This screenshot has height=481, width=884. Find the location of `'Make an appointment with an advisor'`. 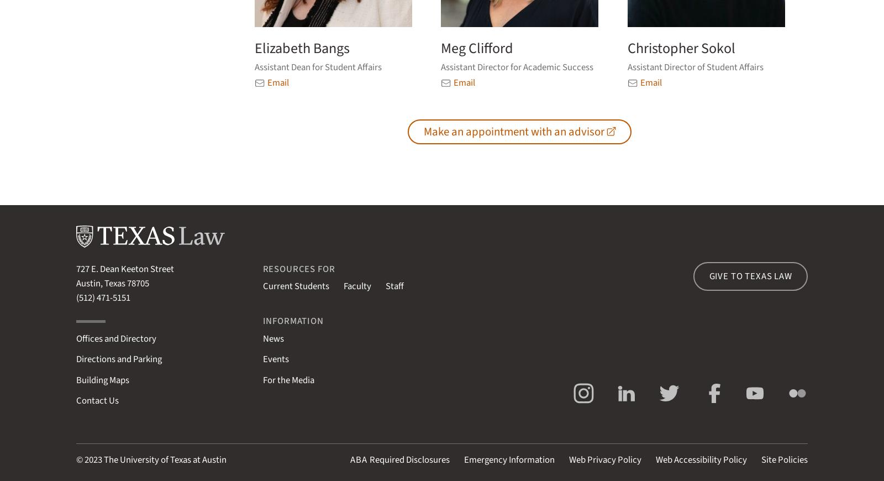

'Make an appointment with an advisor' is located at coordinates (513, 131).